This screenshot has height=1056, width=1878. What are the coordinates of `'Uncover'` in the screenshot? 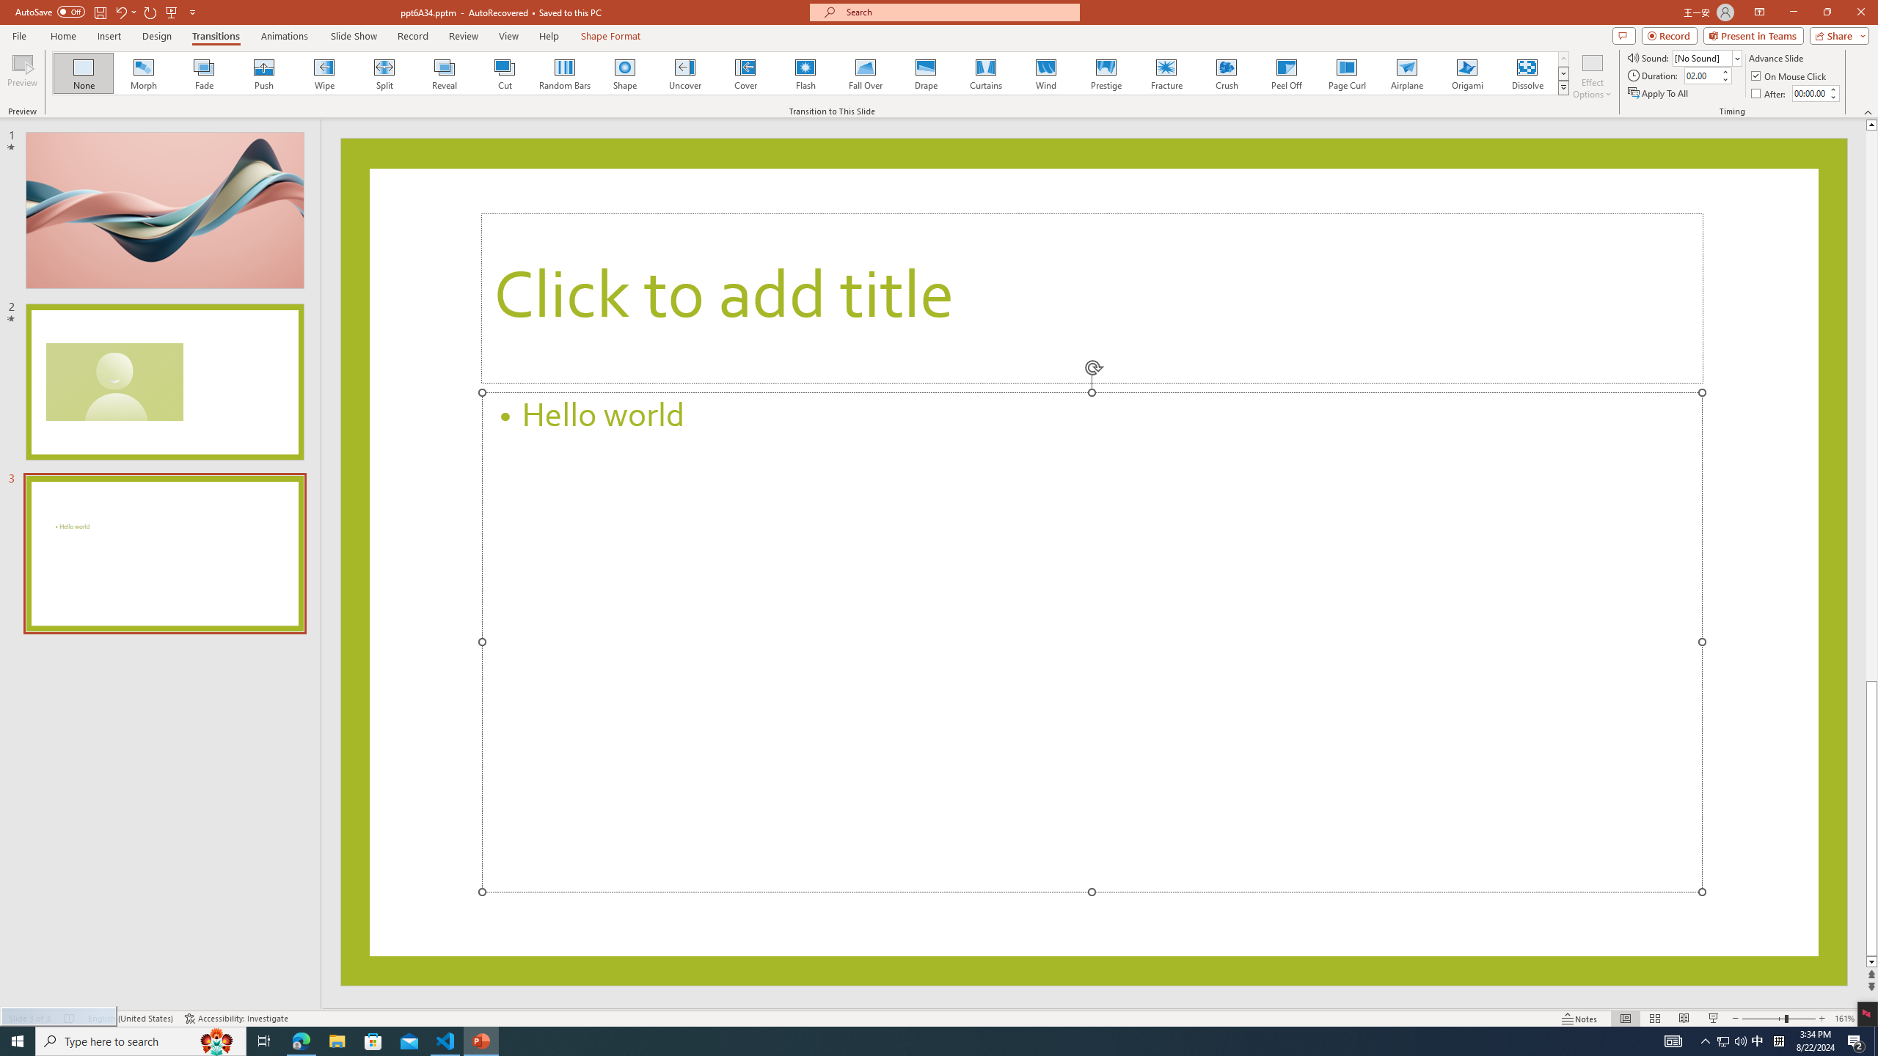 It's located at (684, 73).